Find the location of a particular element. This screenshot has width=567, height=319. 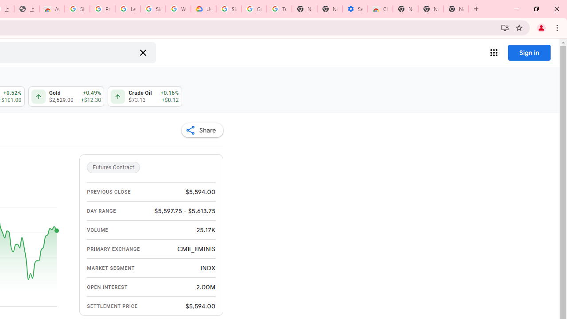

'Share' is located at coordinates (202, 130).